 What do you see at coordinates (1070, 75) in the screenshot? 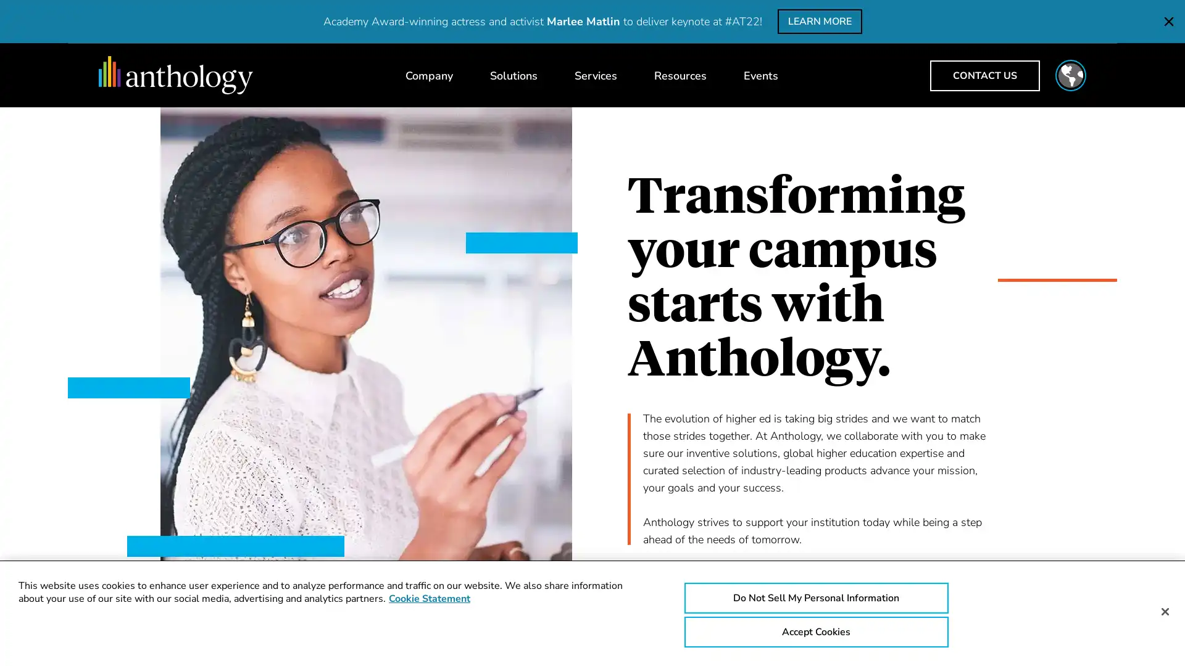
I see `Toggle region selector` at bounding box center [1070, 75].